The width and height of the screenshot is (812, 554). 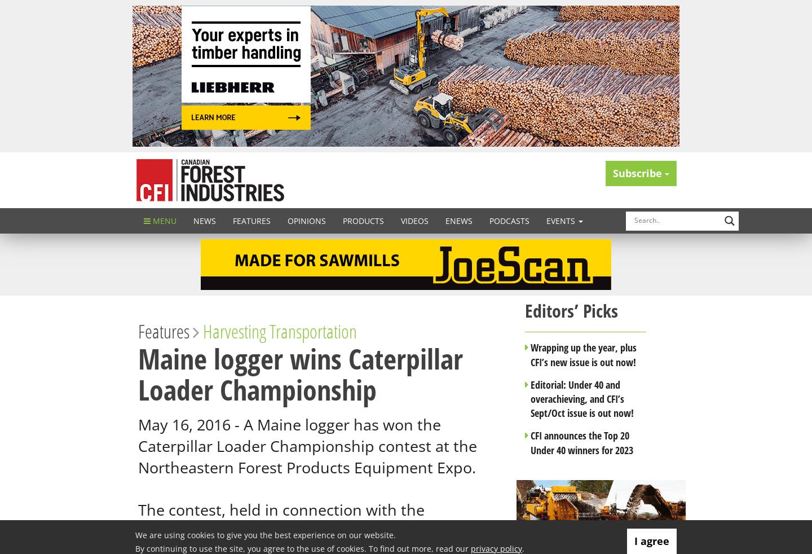 I want to click on 'Harvesting', so click(x=234, y=331).